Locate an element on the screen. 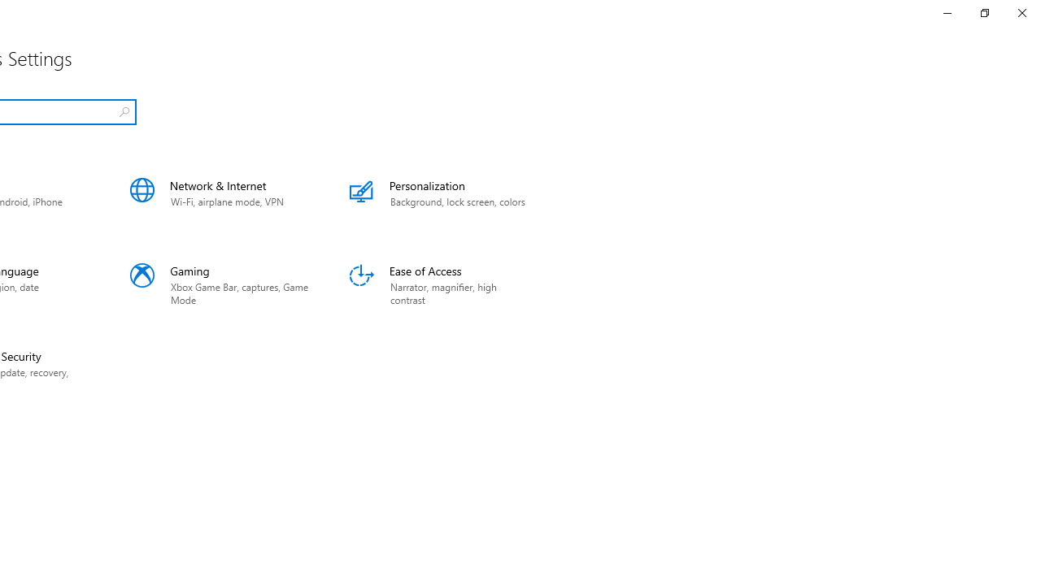 The image size is (1041, 585). 'Close Settings' is located at coordinates (1021, 12).